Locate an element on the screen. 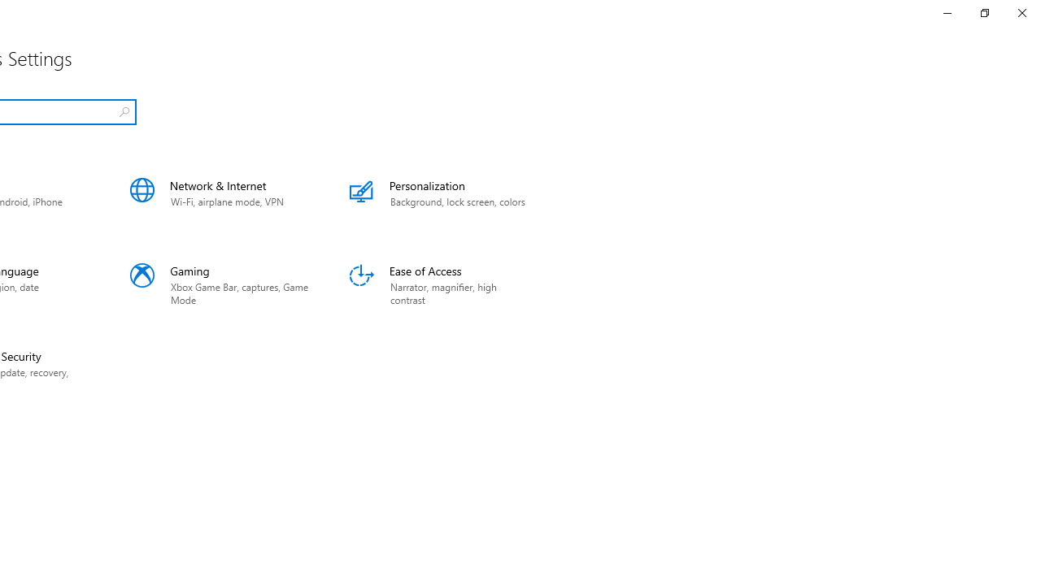 The image size is (1041, 585). 'Close Settings' is located at coordinates (1021, 12).